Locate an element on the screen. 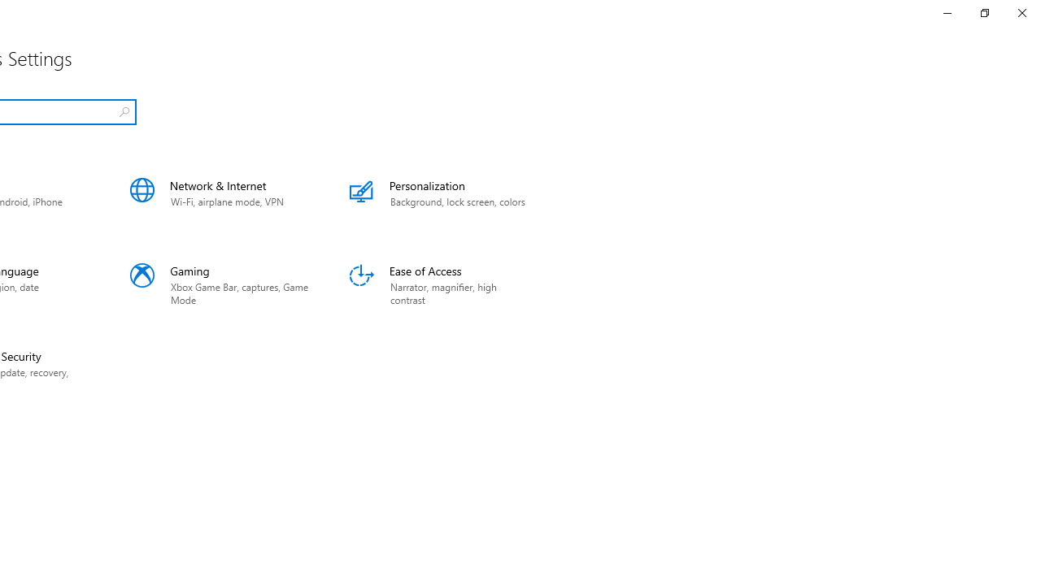 The image size is (1041, 585). 'Close Settings' is located at coordinates (1021, 12).